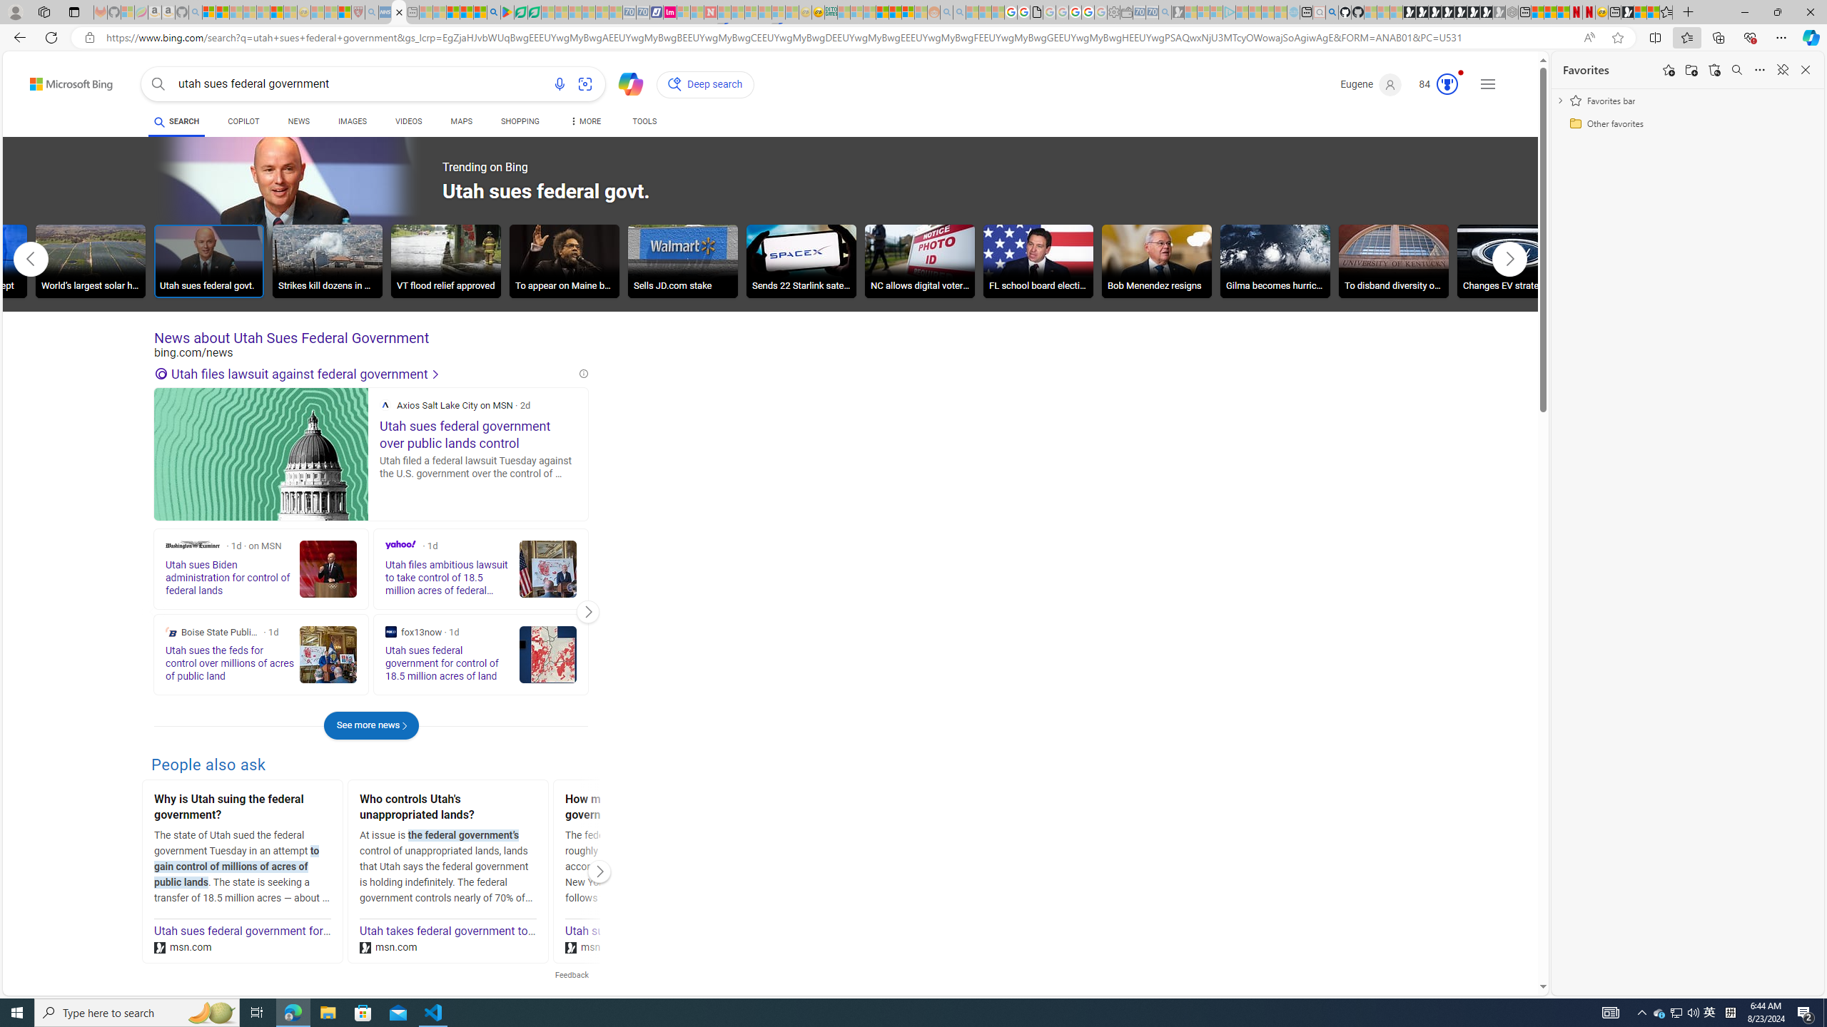 The width and height of the screenshot is (1827, 1027). What do you see at coordinates (1510, 944) in the screenshot?
I see `'Search more'` at bounding box center [1510, 944].